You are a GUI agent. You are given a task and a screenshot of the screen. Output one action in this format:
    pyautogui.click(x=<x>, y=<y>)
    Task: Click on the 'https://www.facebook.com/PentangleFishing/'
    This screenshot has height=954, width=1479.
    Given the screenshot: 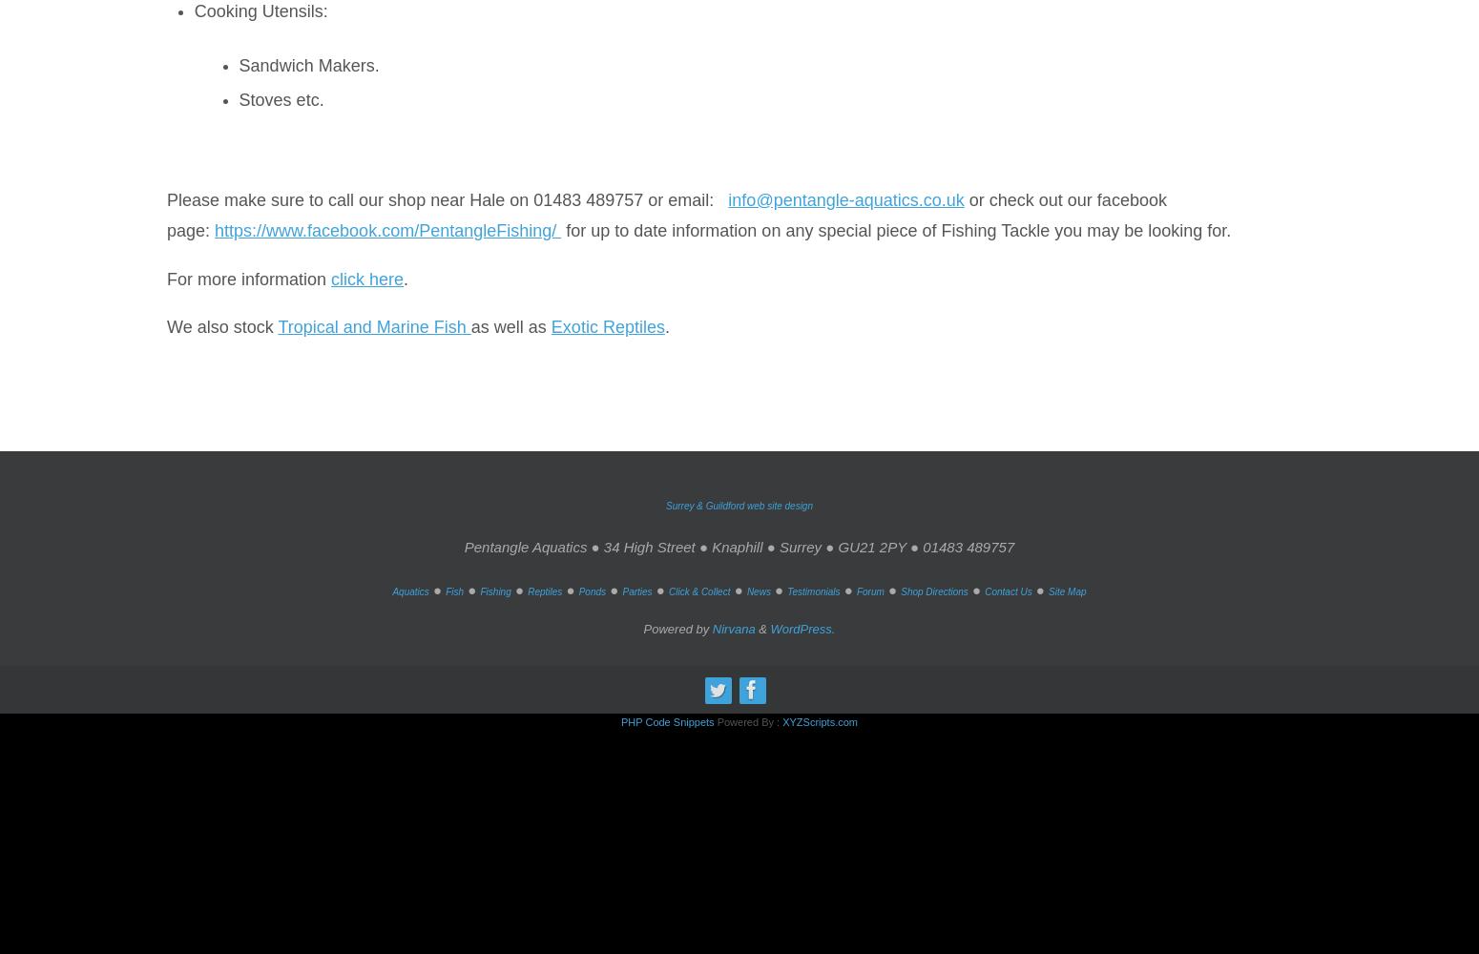 What is the action you would take?
    pyautogui.click(x=214, y=230)
    